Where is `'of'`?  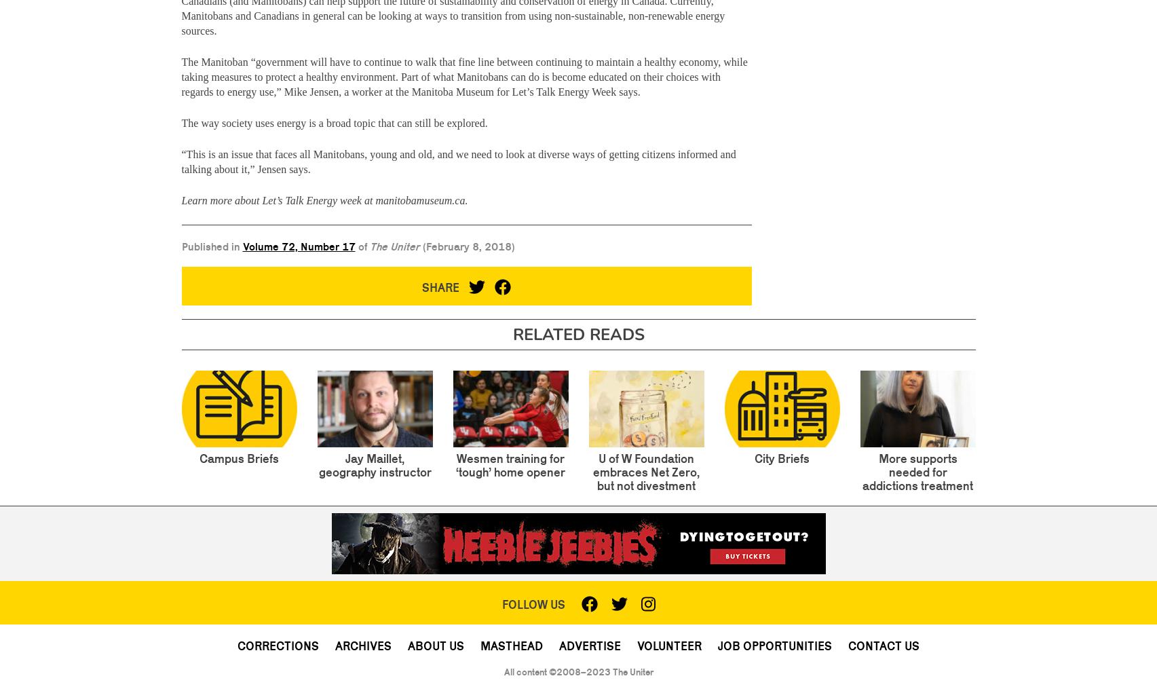
'of' is located at coordinates (362, 244).